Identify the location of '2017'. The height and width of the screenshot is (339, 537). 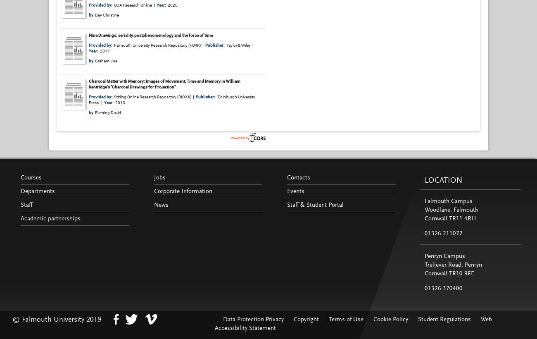
(105, 50).